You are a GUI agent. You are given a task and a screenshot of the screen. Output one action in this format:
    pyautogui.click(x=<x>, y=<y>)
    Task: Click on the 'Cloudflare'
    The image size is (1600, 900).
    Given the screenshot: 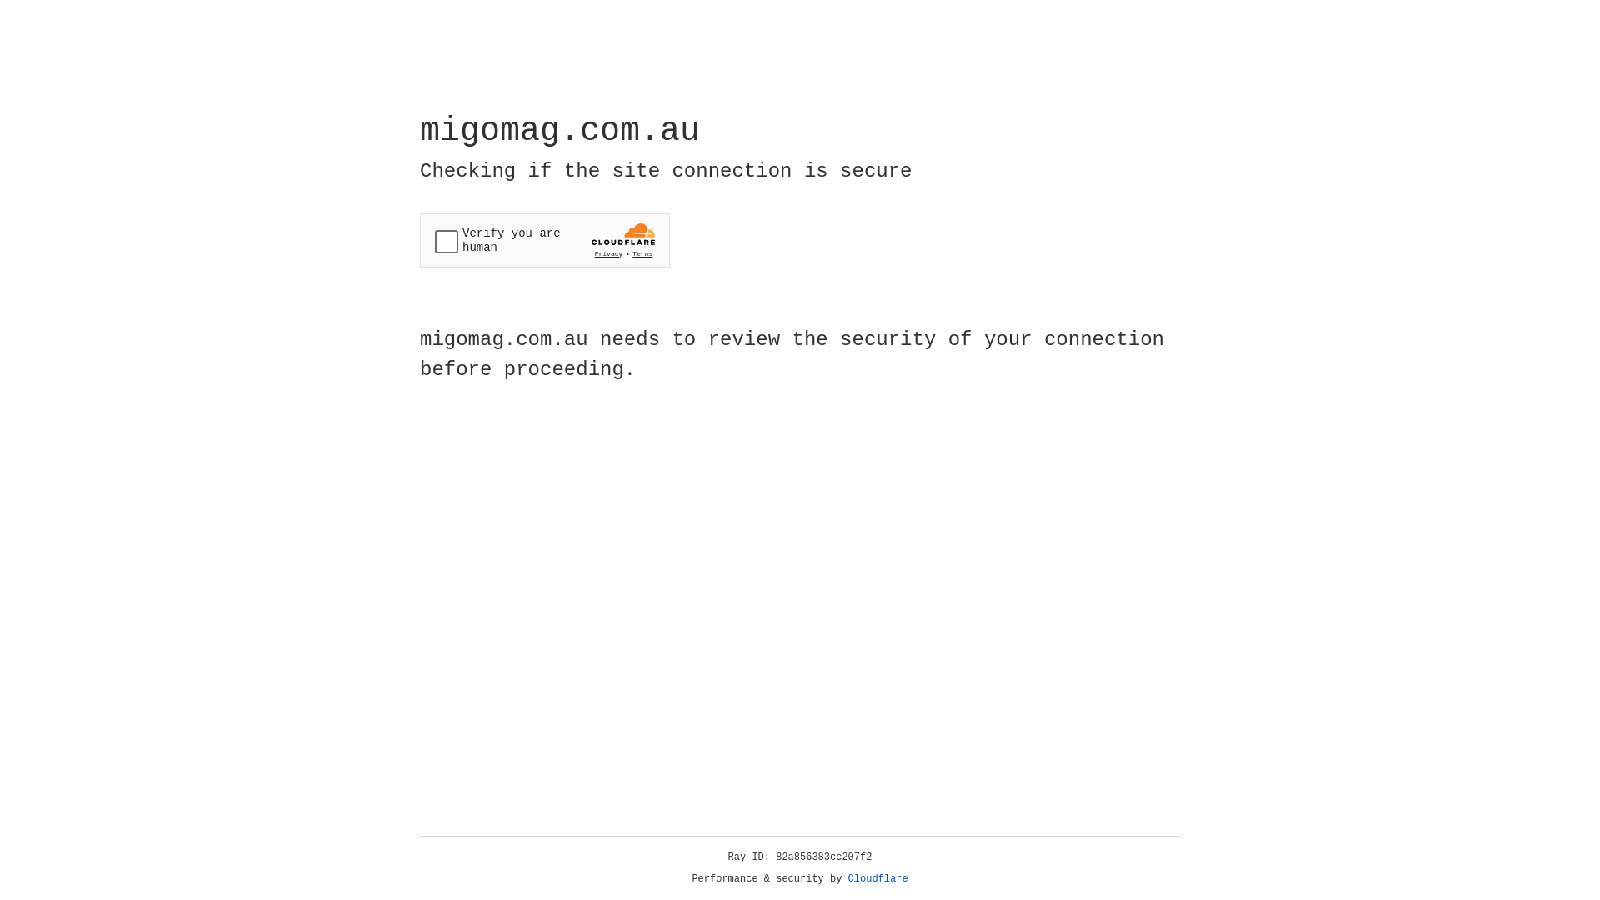 What is the action you would take?
    pyautogui.click(x=877, y=878)
    